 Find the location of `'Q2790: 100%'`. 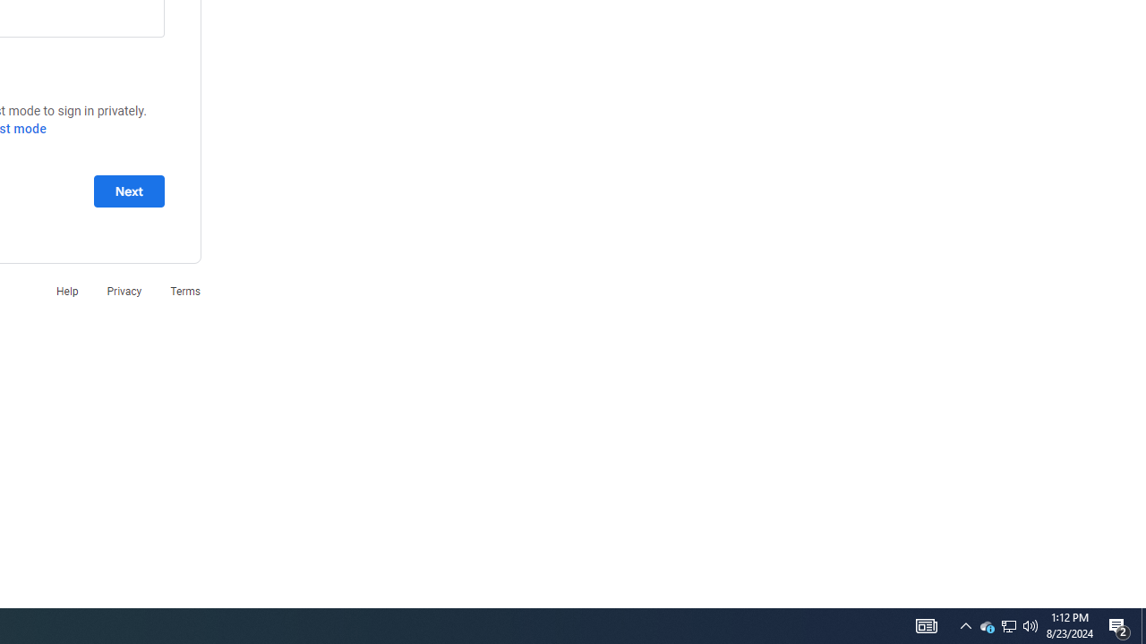

'Q2790: 100%' is located at coordinates (986, 624).